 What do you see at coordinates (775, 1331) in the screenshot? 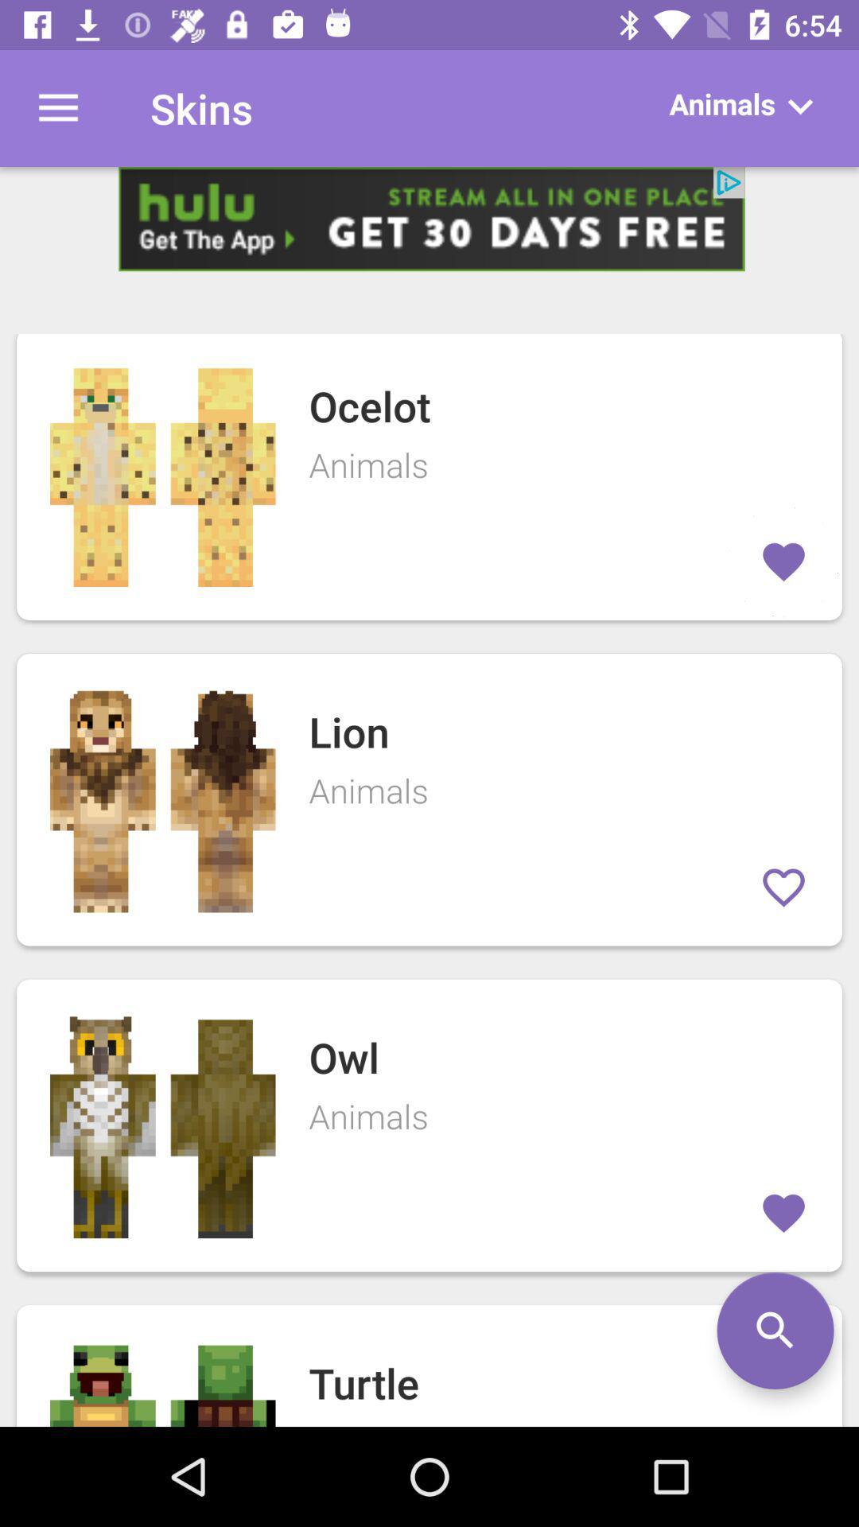
I see `the search icon` at bounding box center [775, 1331].